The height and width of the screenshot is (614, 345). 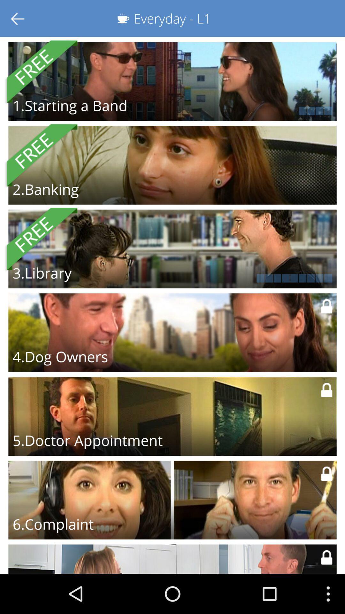 I want to click on the 1 starting a, so click(x=70, y=106).